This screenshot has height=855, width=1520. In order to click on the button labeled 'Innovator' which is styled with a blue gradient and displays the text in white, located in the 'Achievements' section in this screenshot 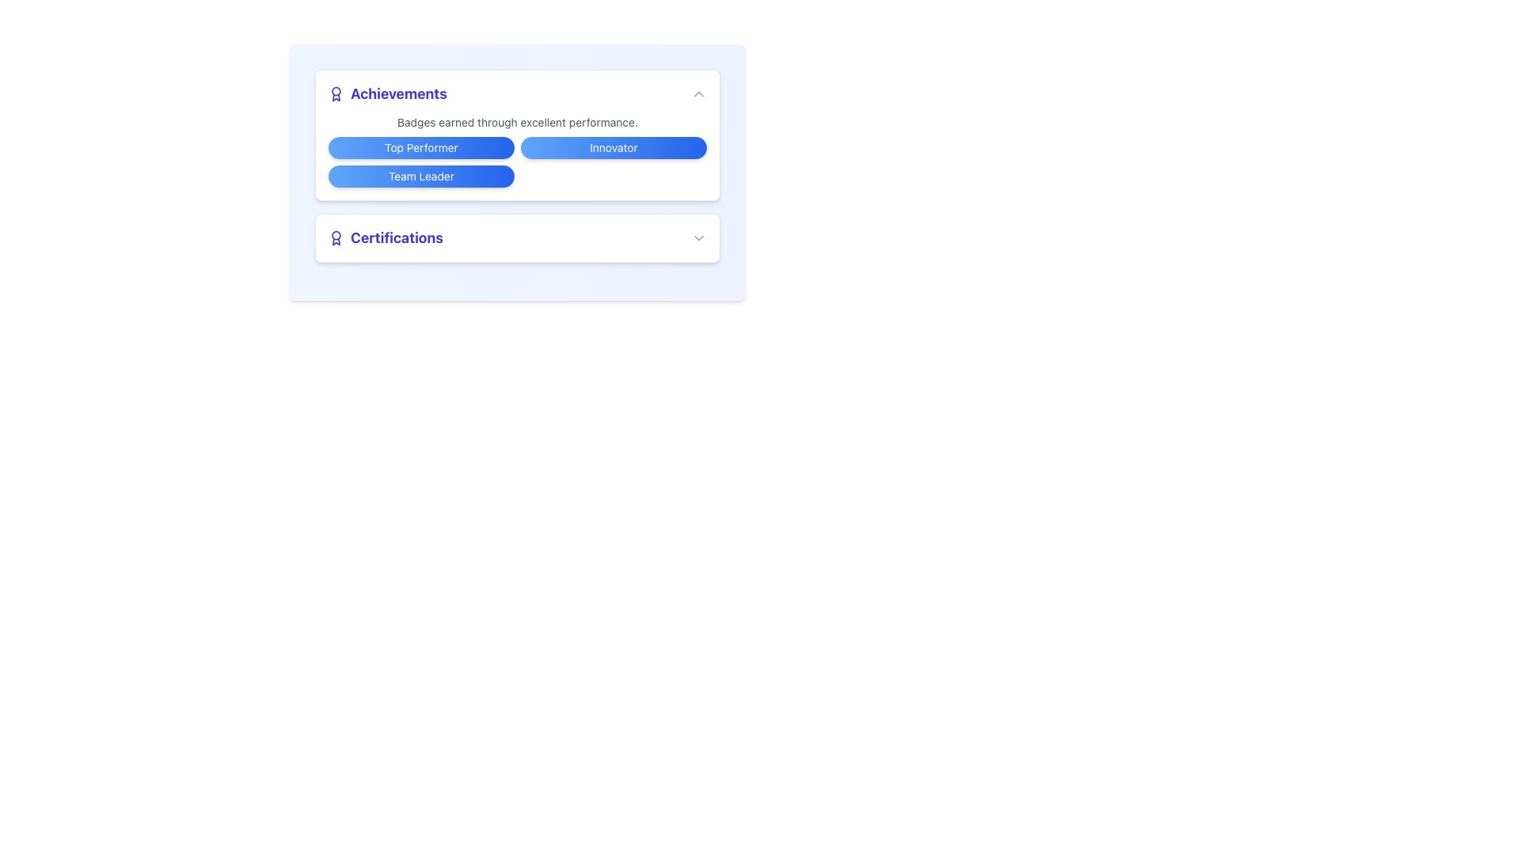, I will do `click(613, 147)`.